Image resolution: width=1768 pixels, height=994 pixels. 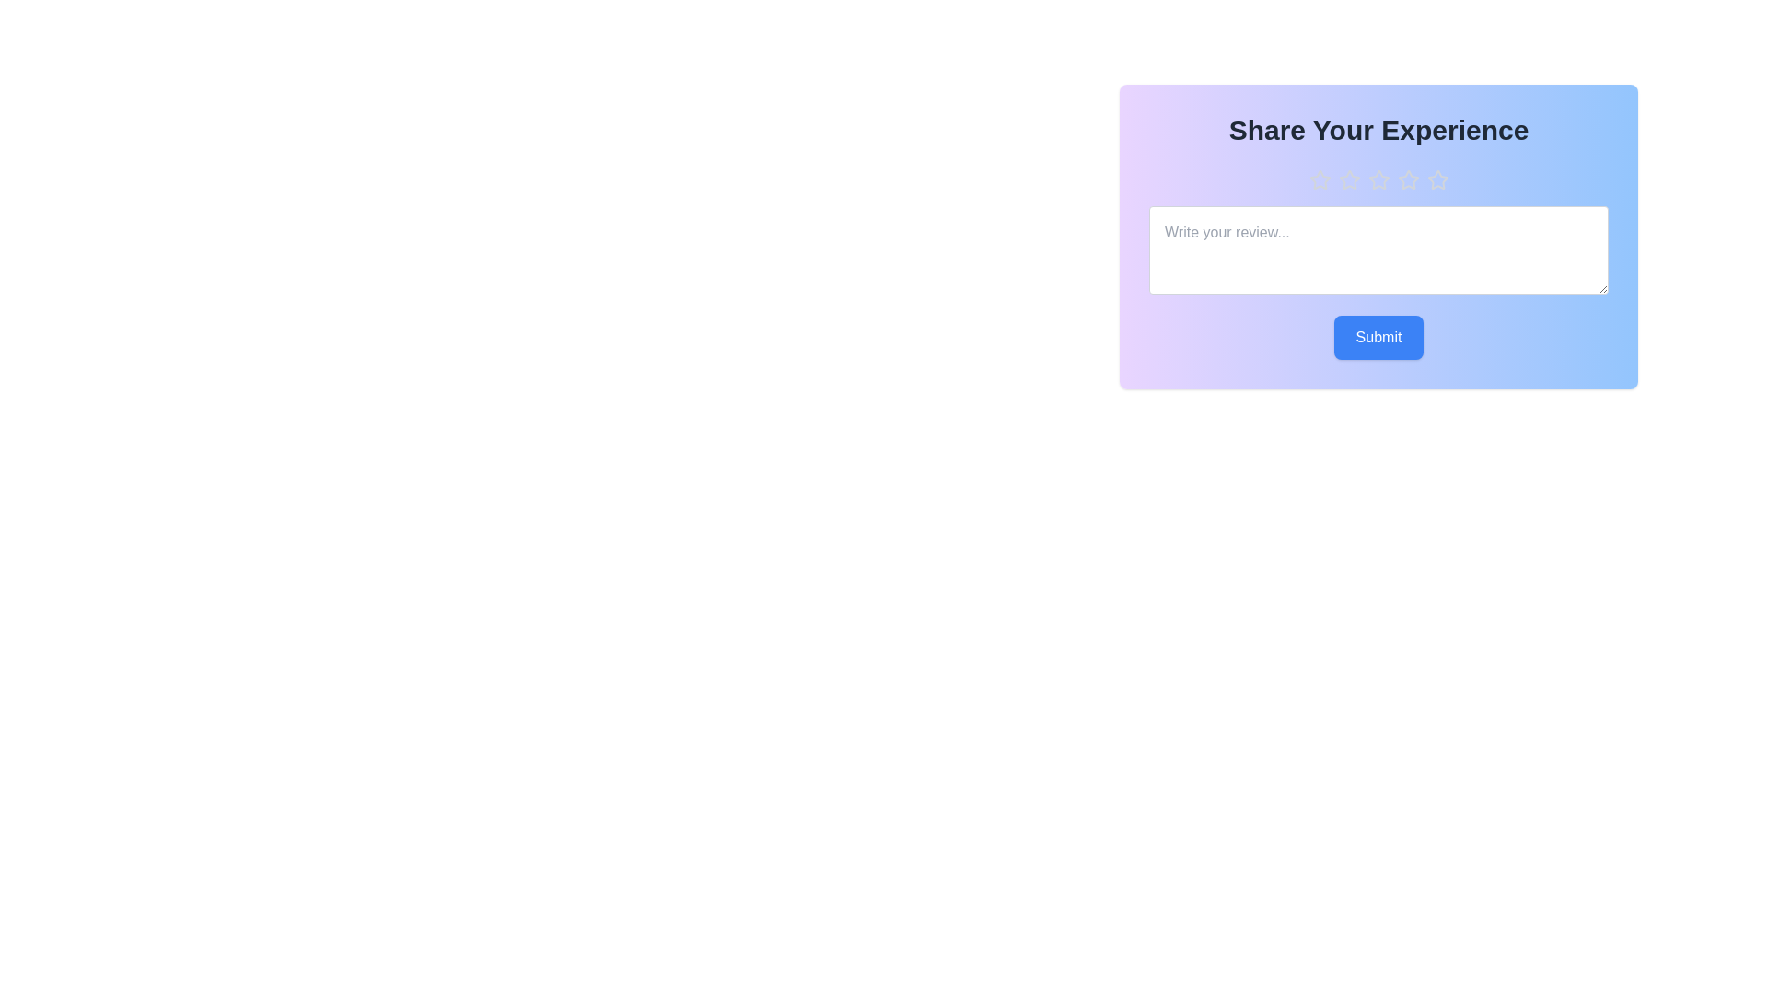 I want to click on the rating to 1 stars by clicking the corresponding star button, so click(x=1319, y=180).